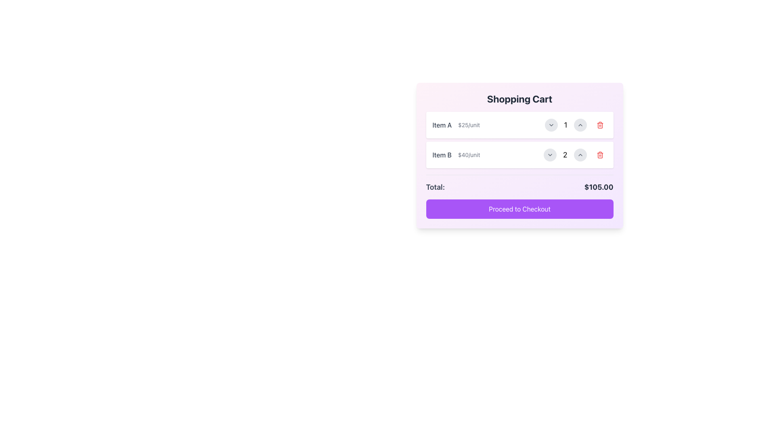 The height and width of the screenshot is (436, 775). Describe the element at coordinates (456, 155) in the screenshot. I see `the Text label that displays the item name and unit price within the shopping cart card interface, located in the second item box below 'Item A'` at that location.